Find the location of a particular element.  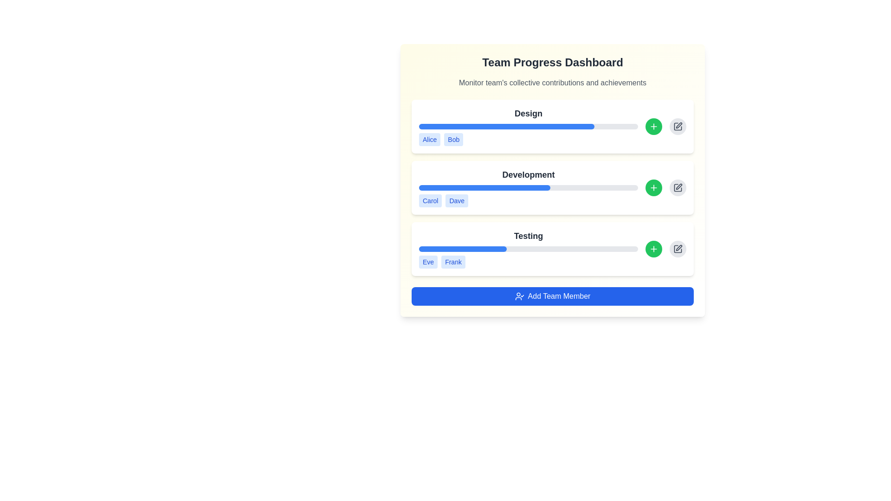

the names 'Carol' and 'Dave' located in the progress bar section of the second card element on the dashboard is located at coordinates (528, 188).